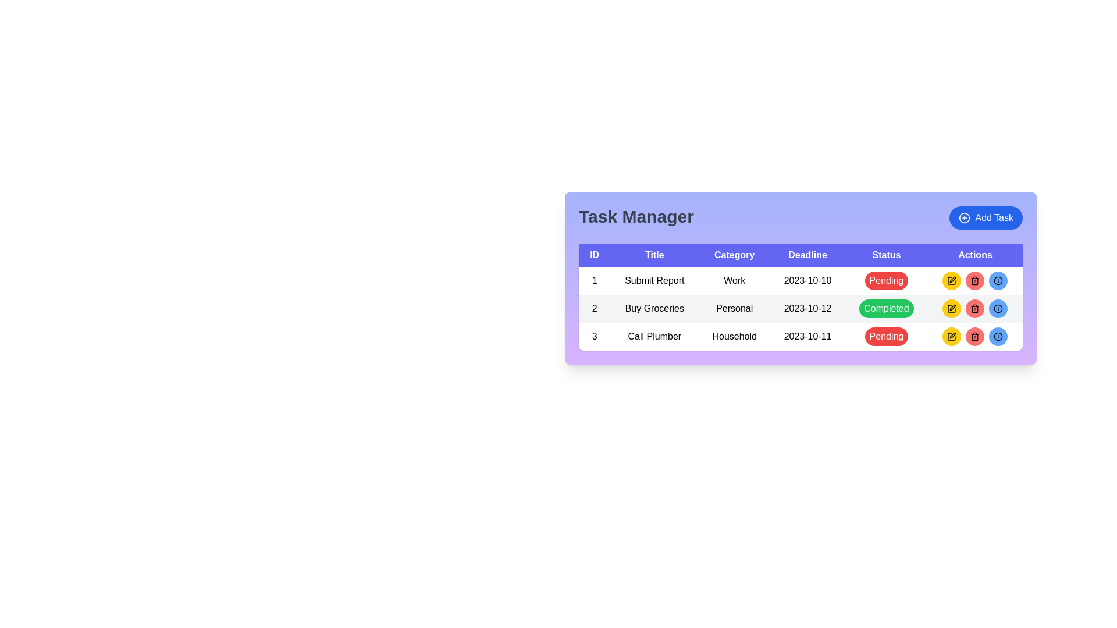  What do you see at coordinates (953, 280) in the screenshot?
I see `the edit icon represented as a vector graphic in the 'Actions' column of the task table for the 'Call Plumber' task, programmatically for accessibility purposes` at bounding box center [953, 280].